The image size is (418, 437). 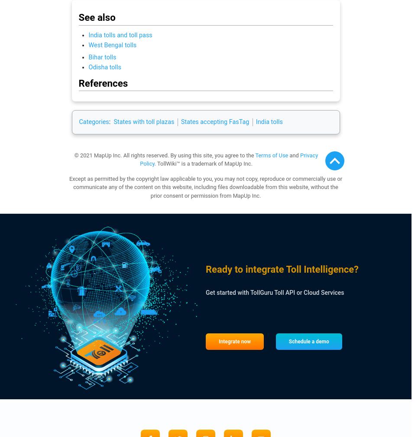 What do you see at coordinates (88, 45) in the screenshot?
I see `'West Bengal tolls'` at bounding box center [88, 45].